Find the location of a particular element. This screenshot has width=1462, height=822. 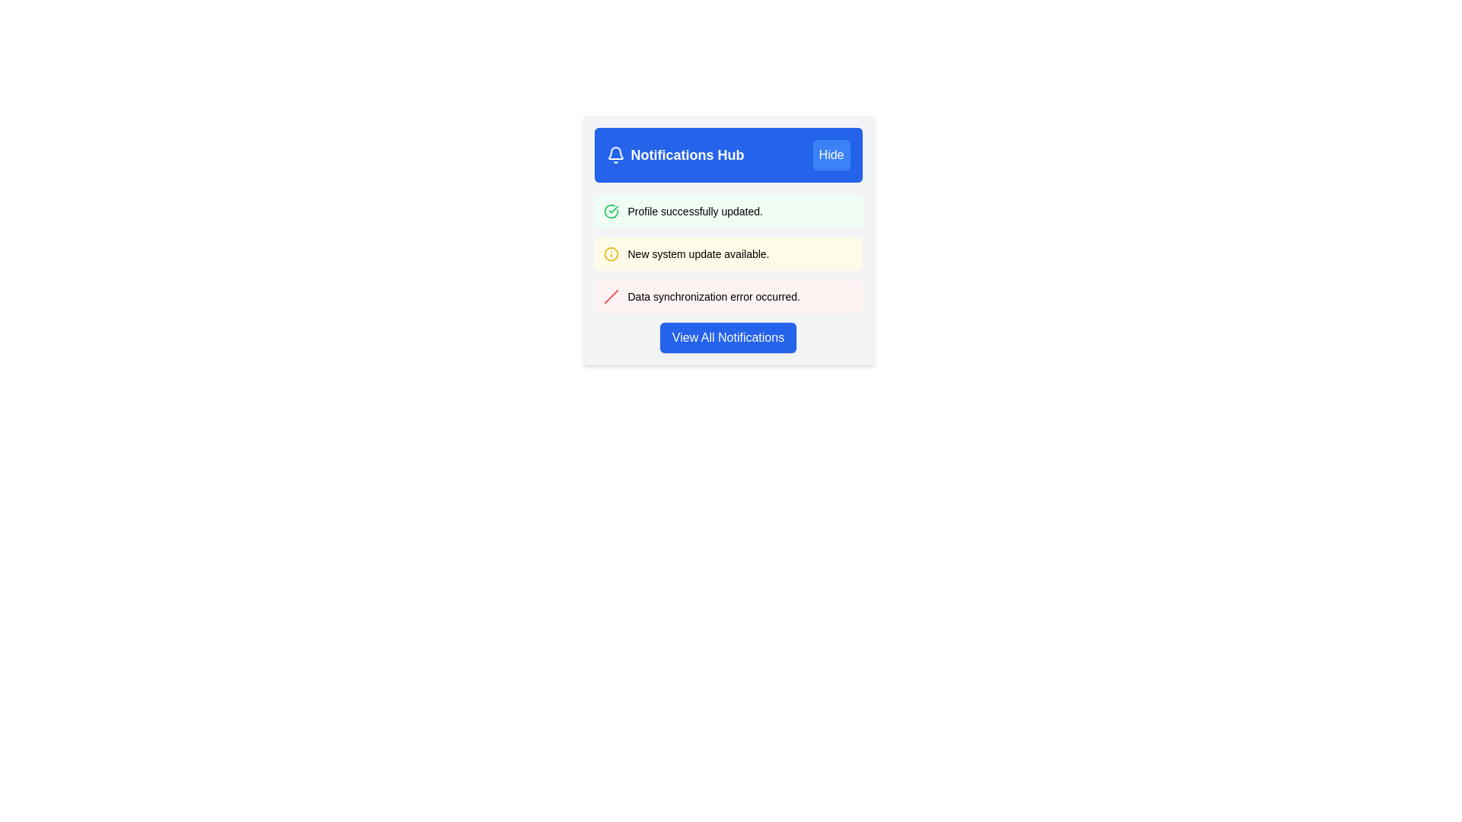

the third notification box in the Notifications Hub, which has a light red background and contains the text 'Data synchronization error occurred.' is located at coordinates (727, 296).